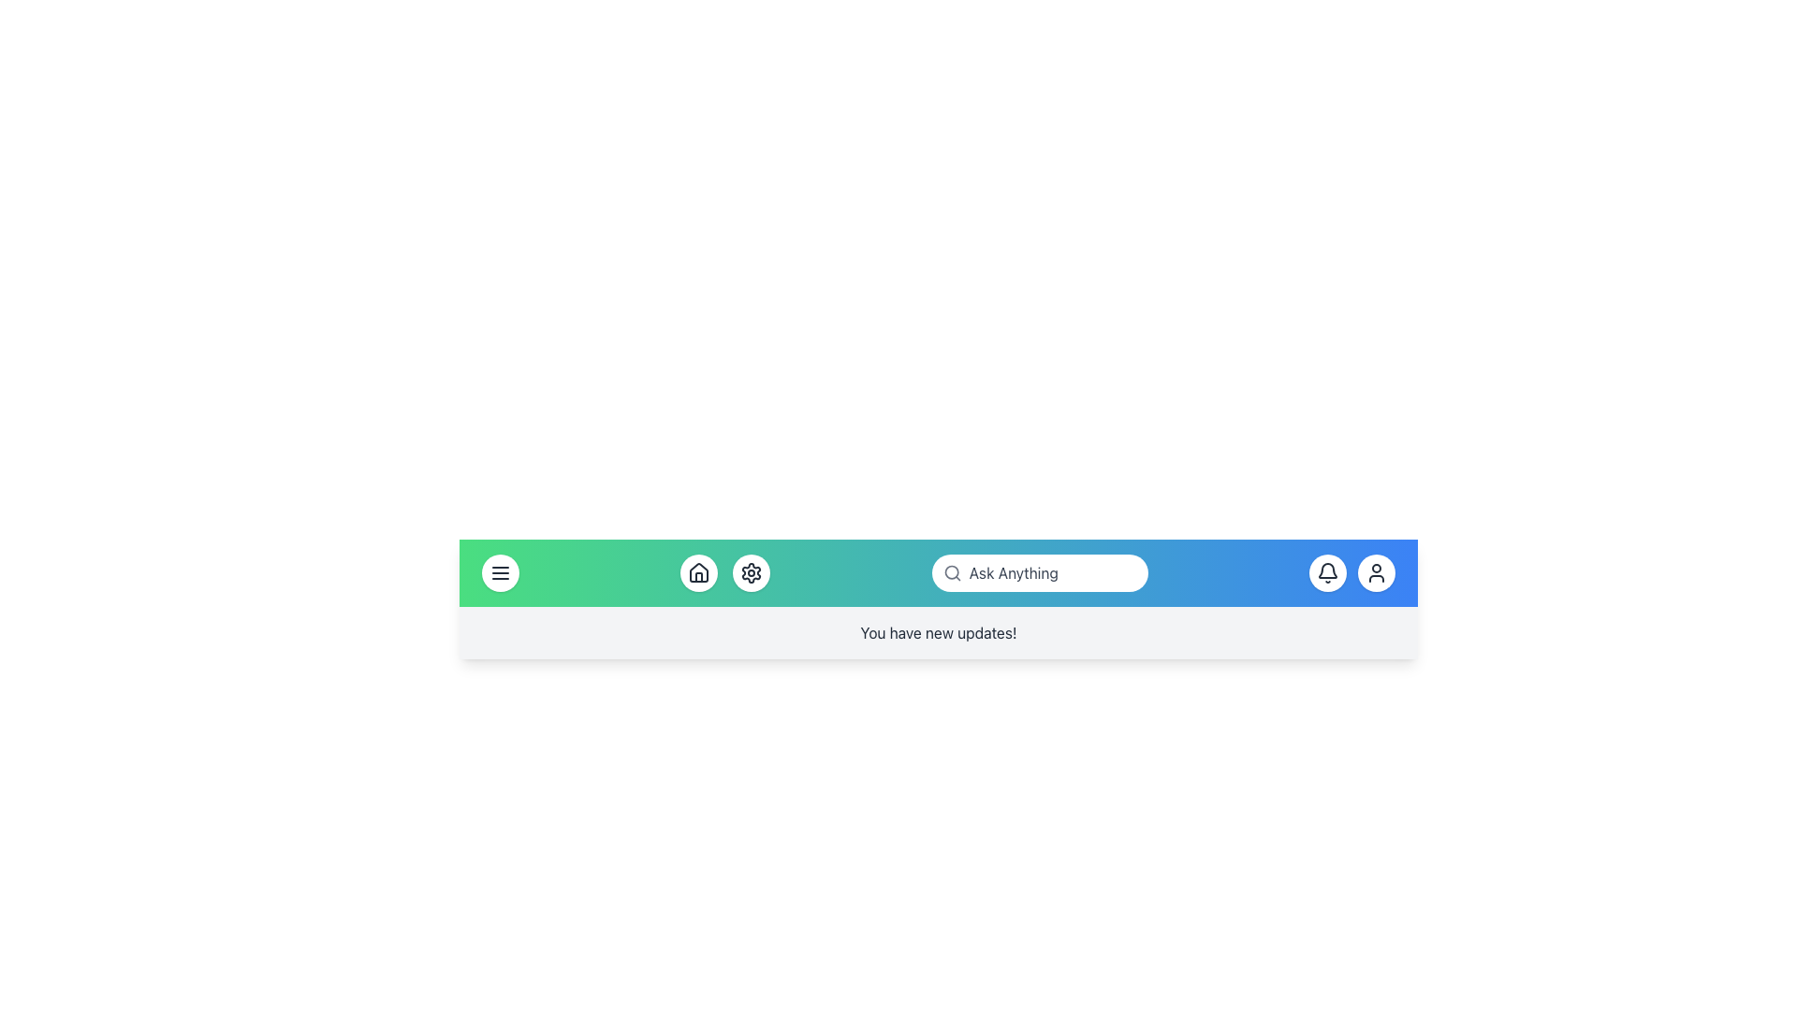  What do you see at coordinates (939, 632) in the screenshot?
I see `the text label that says 'You have new updates!', which is styled in bold and positioned at the bottom of the header section, centered below the main navigation bar` at bounding box center [939, 632].